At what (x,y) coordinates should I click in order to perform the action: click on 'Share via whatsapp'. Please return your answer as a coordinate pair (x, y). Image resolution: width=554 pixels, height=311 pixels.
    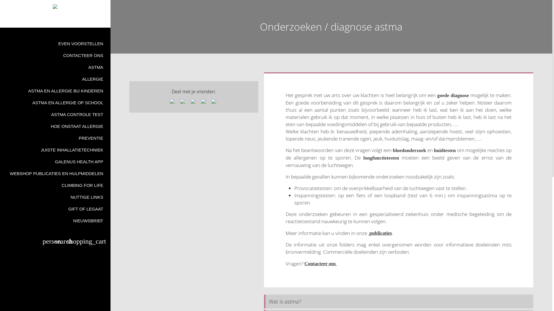
    Looking at the image, I should click on (214, 102).